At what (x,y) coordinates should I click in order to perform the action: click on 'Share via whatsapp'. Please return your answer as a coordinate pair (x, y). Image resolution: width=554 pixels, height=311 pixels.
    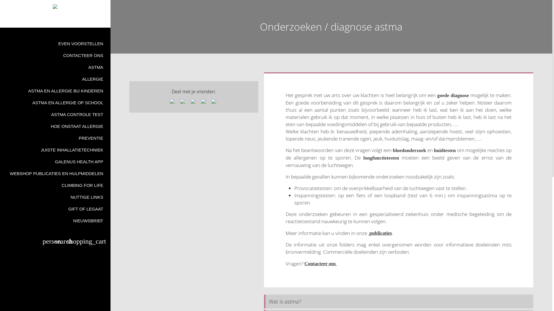
    Looking at the image, I should click on (214, 102).